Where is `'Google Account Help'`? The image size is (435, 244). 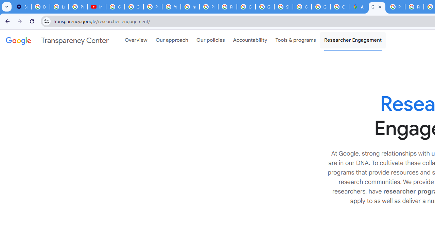 'Google Account Help' is located at coordinates (115, 7).